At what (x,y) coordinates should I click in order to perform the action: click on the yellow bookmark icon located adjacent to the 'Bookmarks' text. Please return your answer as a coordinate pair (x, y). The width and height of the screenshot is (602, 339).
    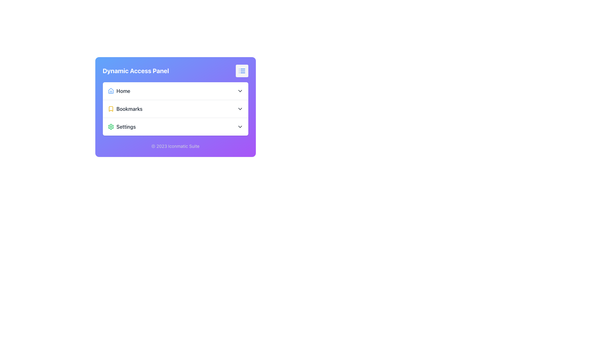
    Looking at the image, I should click on (111, 109).